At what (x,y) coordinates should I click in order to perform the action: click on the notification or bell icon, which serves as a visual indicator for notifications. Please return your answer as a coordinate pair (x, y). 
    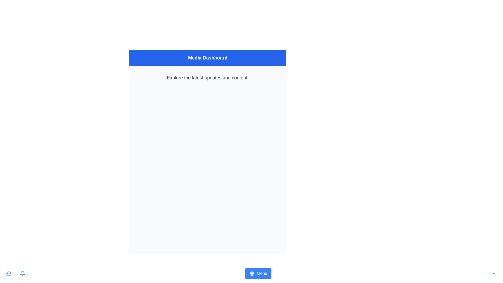
    Looking at the image, I should click on (22, 273).